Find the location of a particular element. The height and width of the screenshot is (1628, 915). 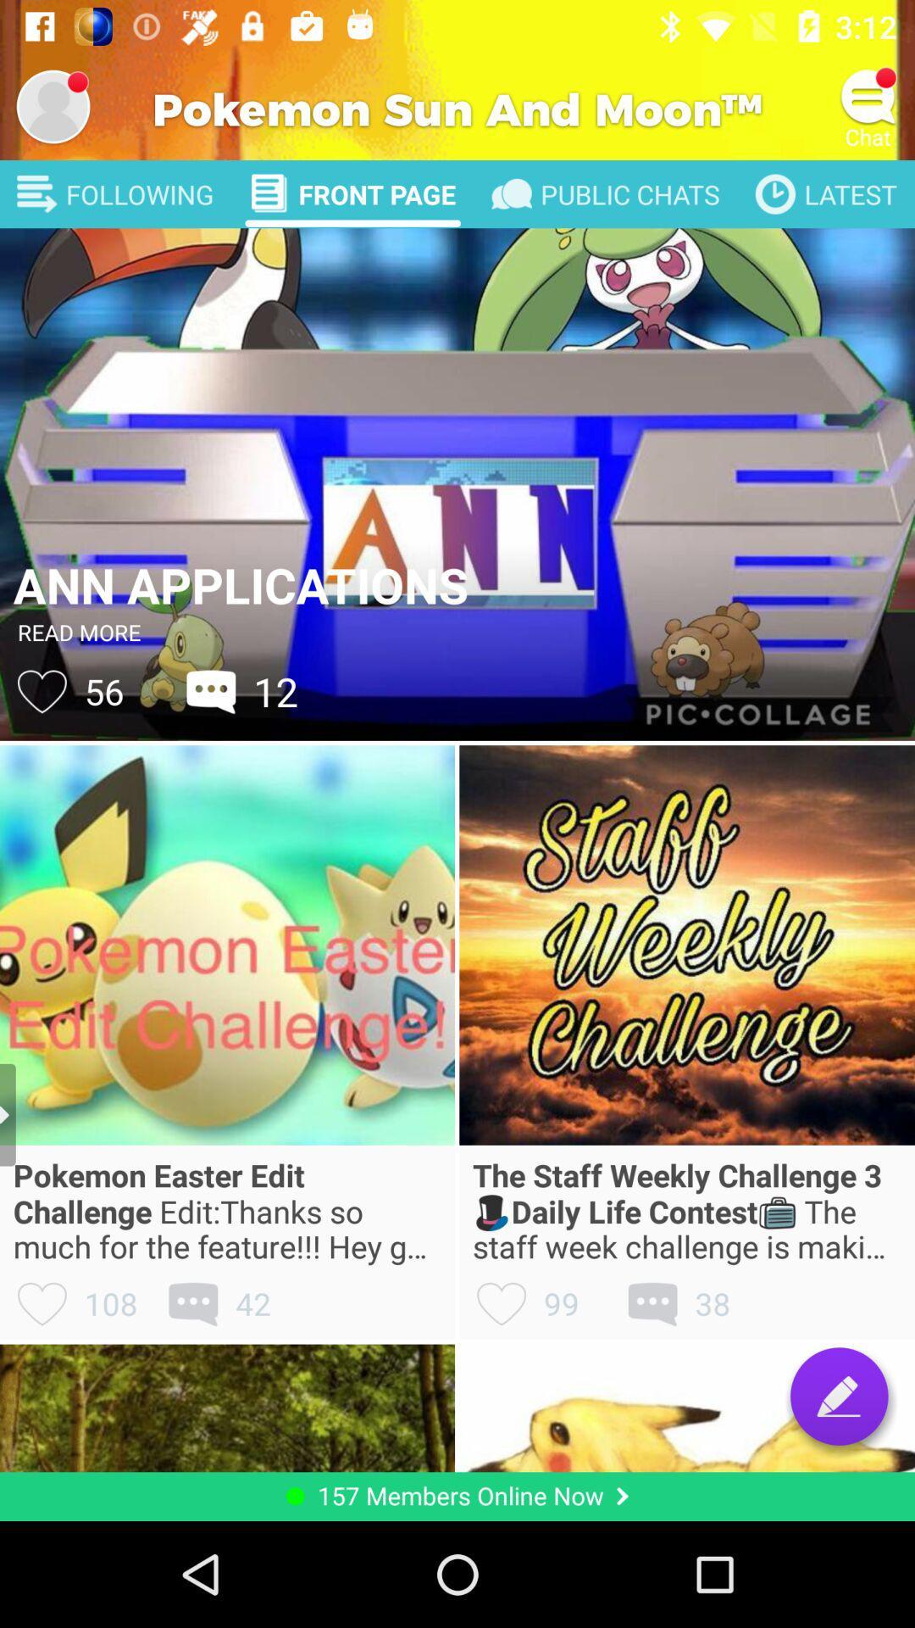

change profile picture is located at coordinates (52, 105).